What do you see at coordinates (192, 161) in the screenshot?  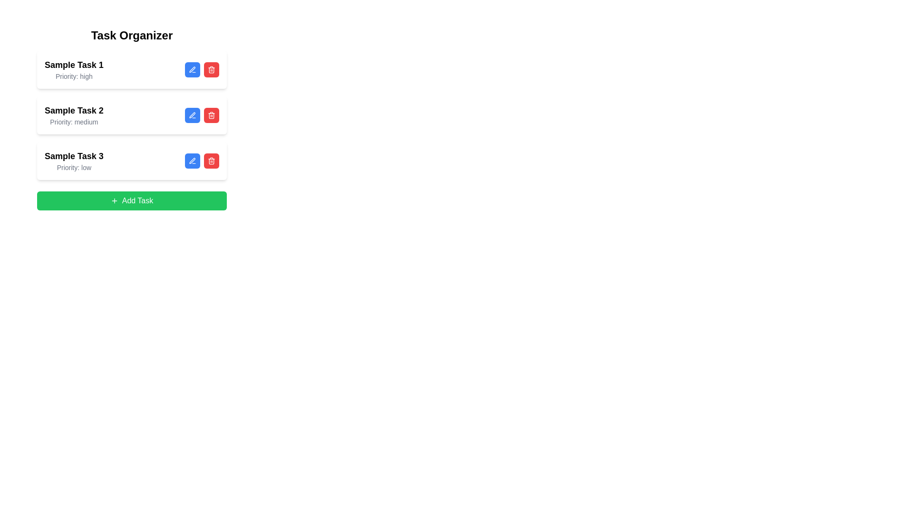 I see `the edit button with a pen icon located to the left of the red trash icon in the 'Sample Task 3' card interface` at bounding box center [192, 161].